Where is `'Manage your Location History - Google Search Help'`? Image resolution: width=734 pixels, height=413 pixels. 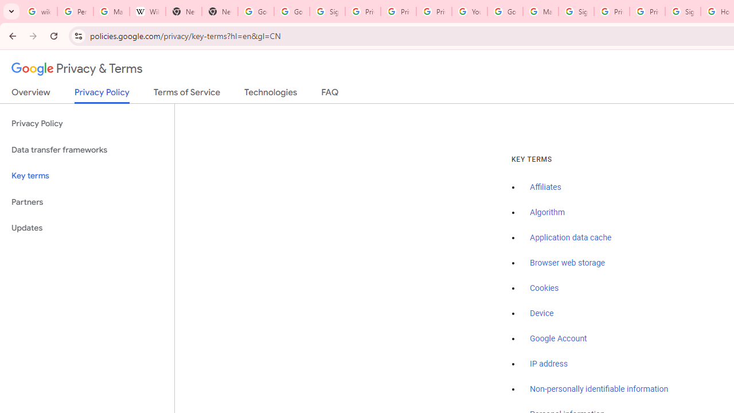 'Manage your Location History - Google Search Help' is located at coordinates (111, 11).